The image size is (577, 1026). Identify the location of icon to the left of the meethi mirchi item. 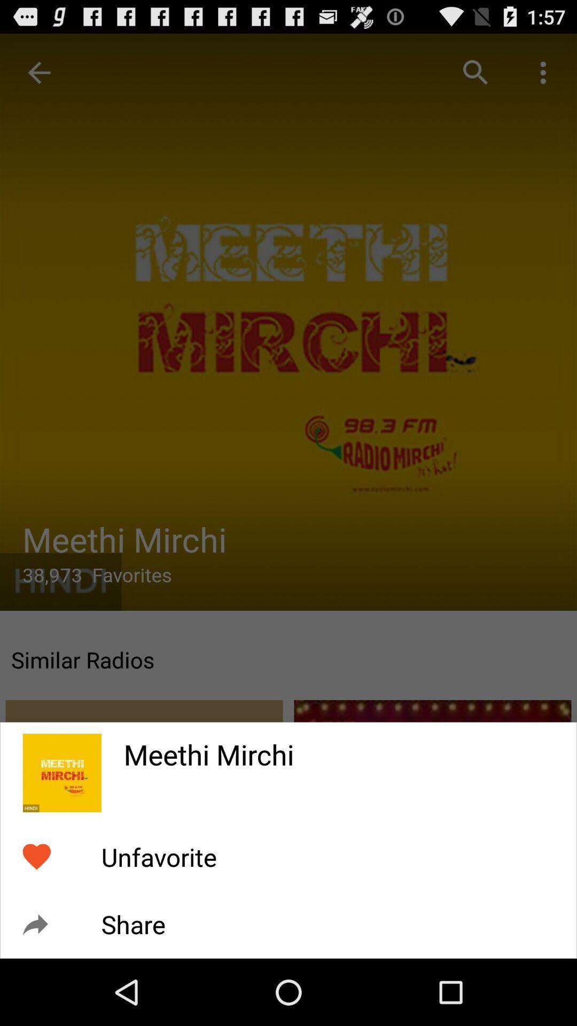
(62, 773).